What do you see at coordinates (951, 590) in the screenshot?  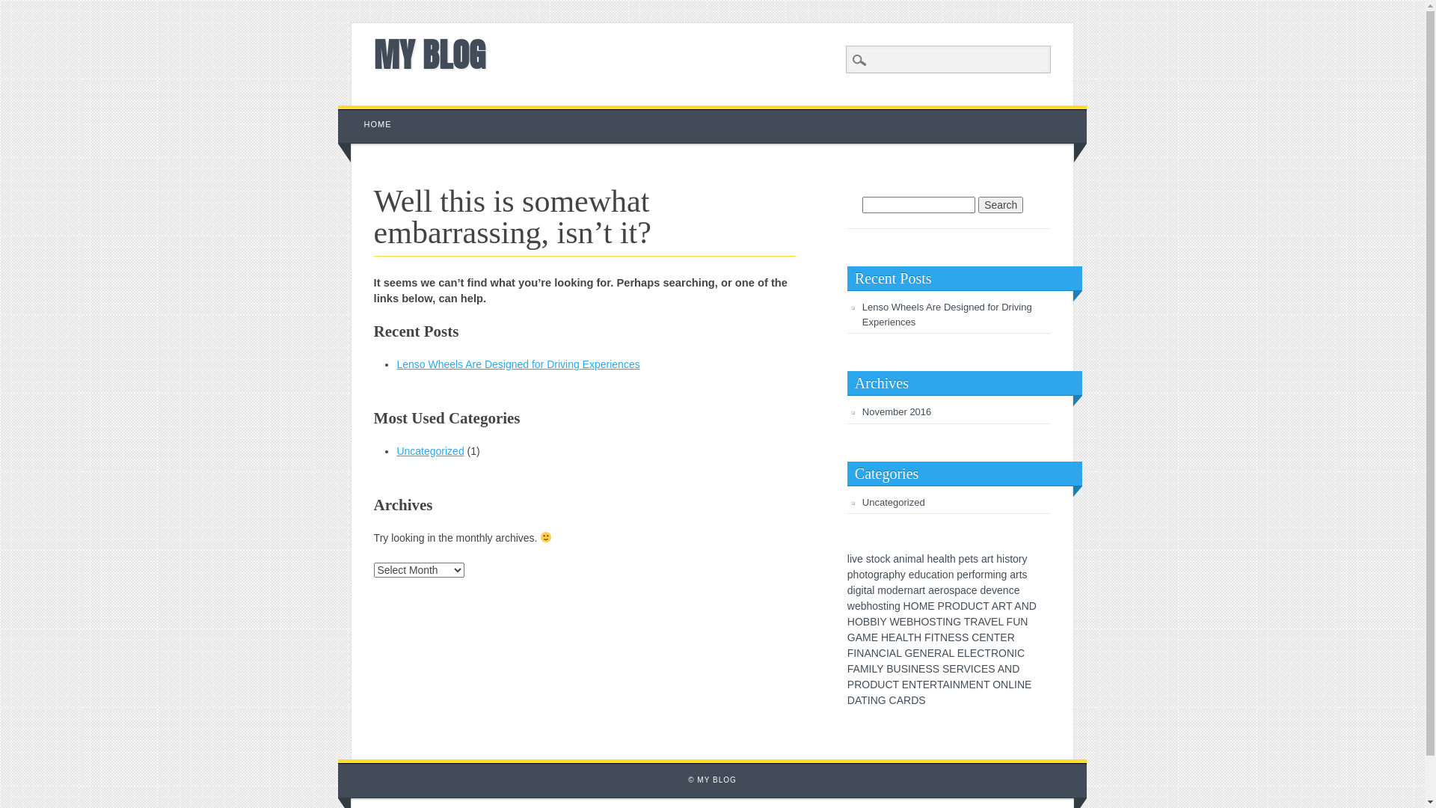 I see `'s'` at bounding box center [951, 590].